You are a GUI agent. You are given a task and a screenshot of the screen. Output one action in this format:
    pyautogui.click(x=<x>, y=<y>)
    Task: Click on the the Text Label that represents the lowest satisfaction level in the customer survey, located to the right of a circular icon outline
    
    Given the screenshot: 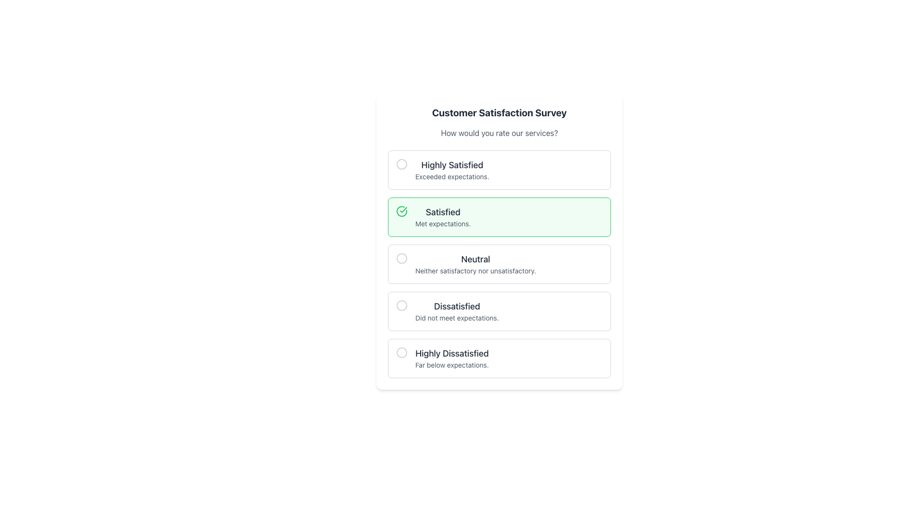 What is the action you would take?
    pyautogui.click(x=451, y=358)
    